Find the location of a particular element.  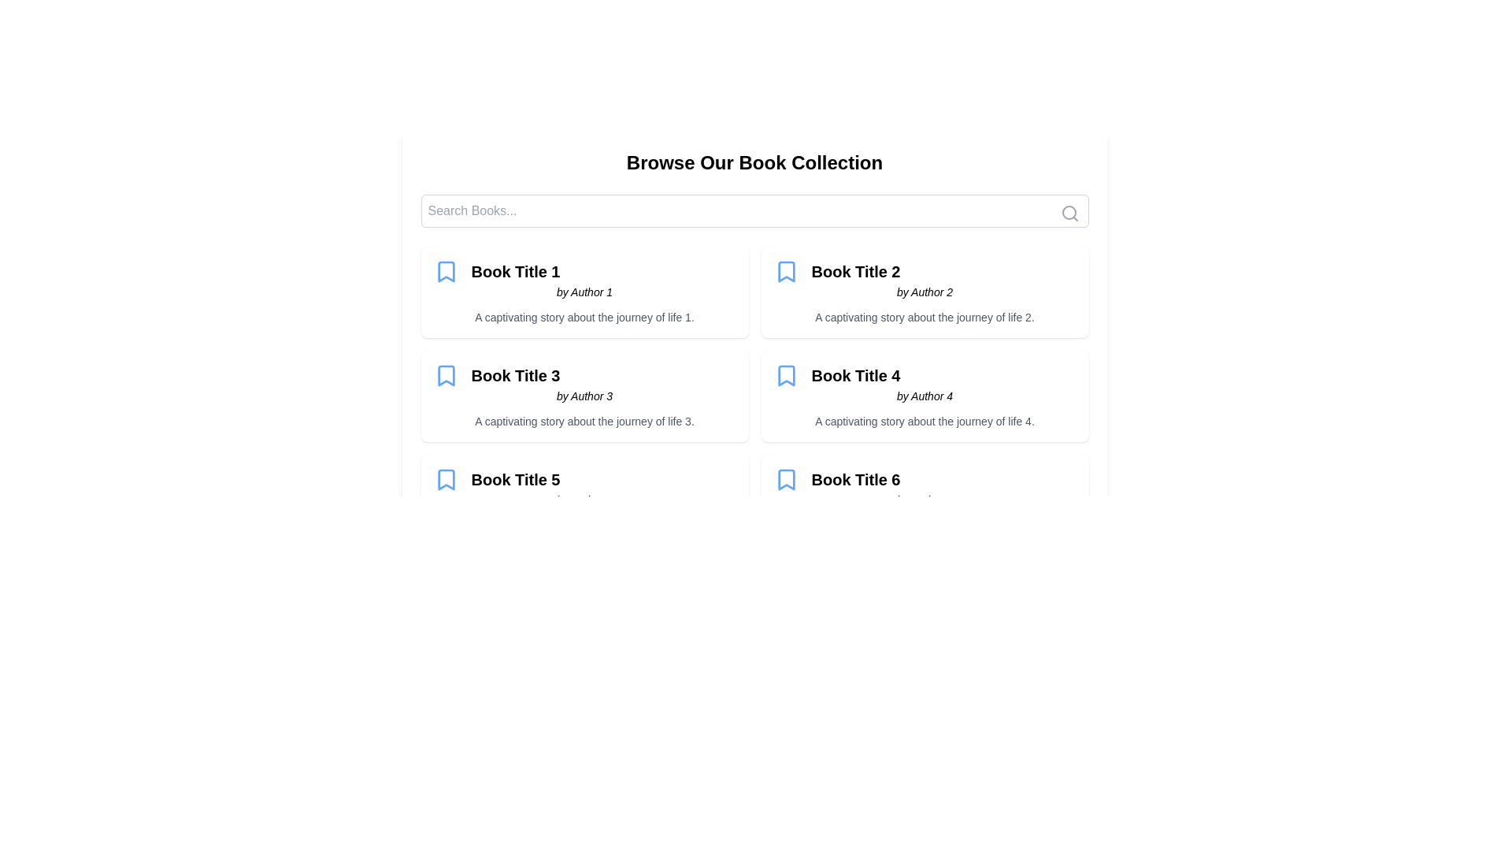

the bookmark icon located to the left of the text 'Book Title 4' is located at coordinates (786, 376).